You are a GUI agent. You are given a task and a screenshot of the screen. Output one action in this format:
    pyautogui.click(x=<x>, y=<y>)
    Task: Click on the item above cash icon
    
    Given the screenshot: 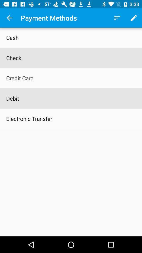 What is the action you would take?
    pyautogui.click(x=9, y=18)
    